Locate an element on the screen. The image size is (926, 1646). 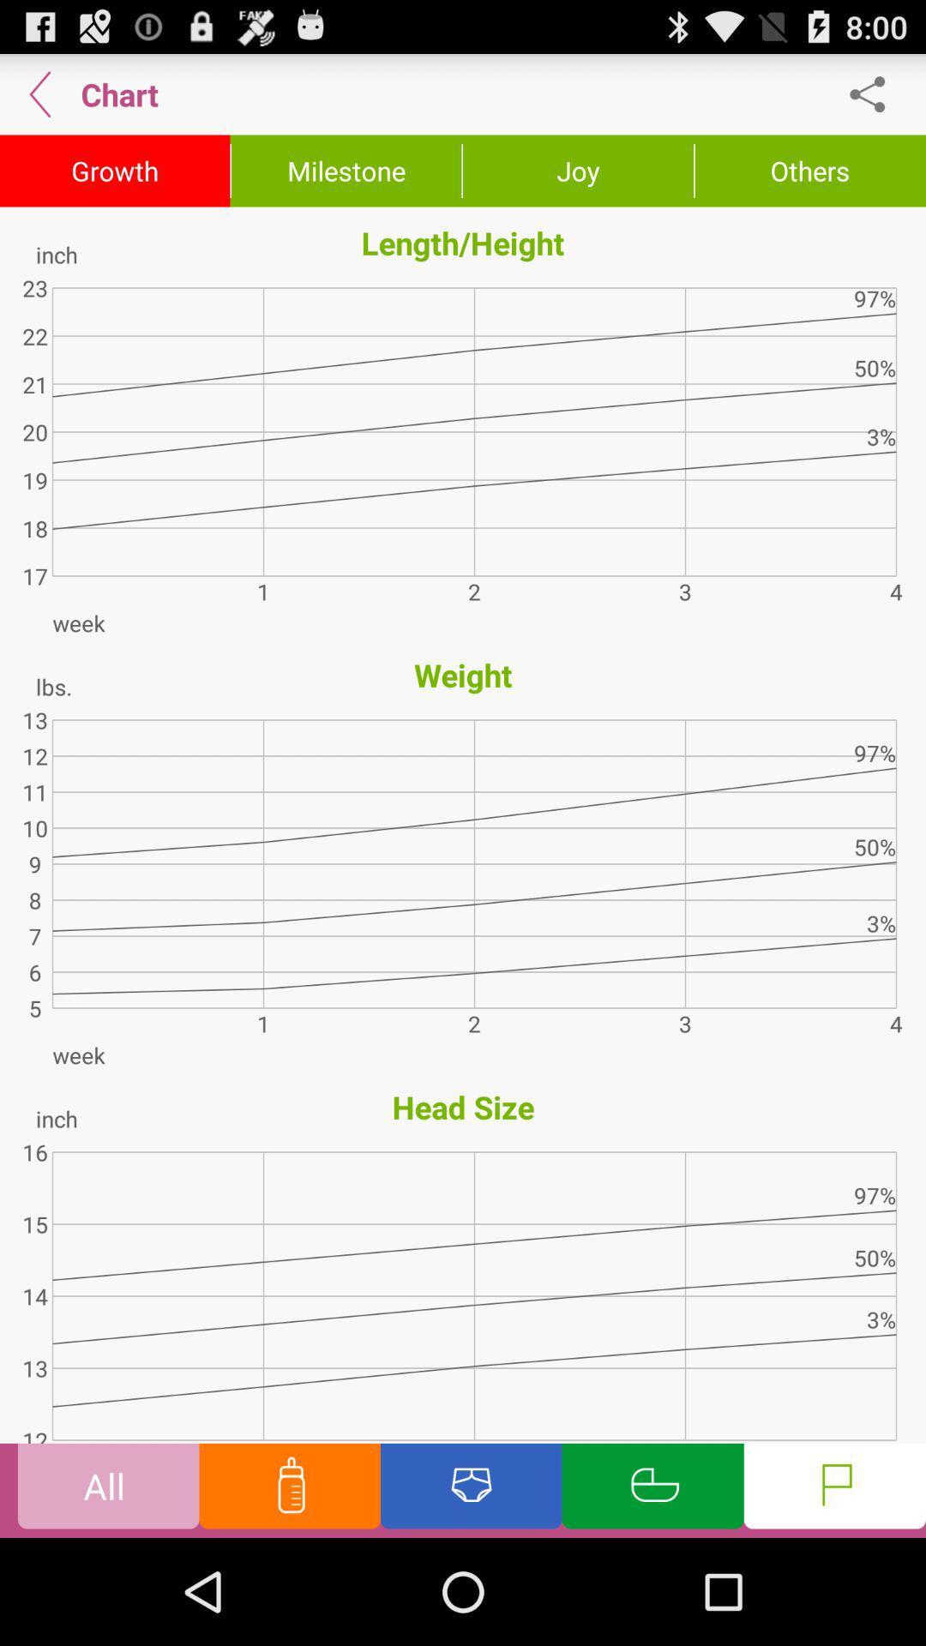
the second icon from right most bottom of the page is located at coordinates (653, 1489).